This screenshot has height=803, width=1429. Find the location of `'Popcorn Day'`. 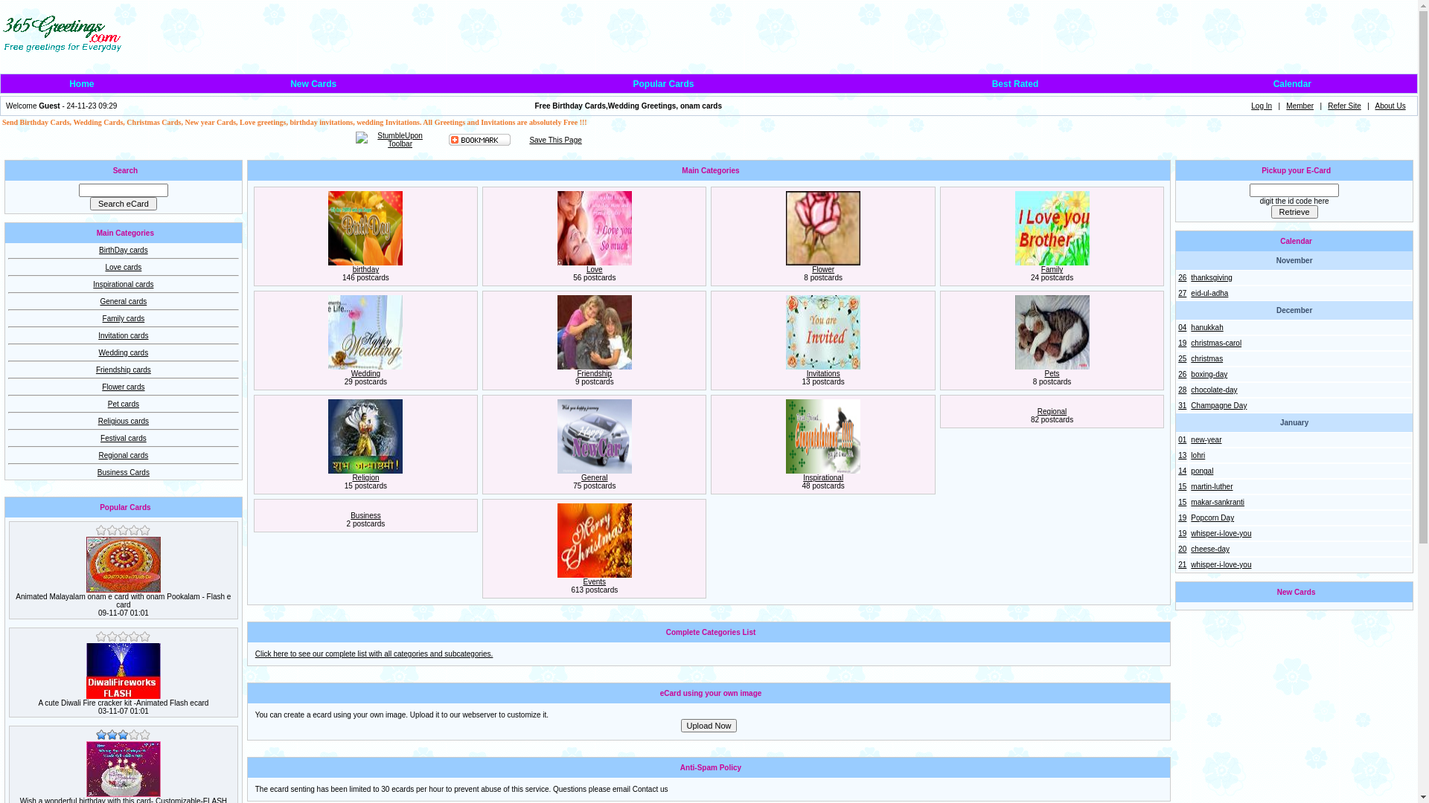

'Popcorn Day' is located at coordinates (1212, 517).